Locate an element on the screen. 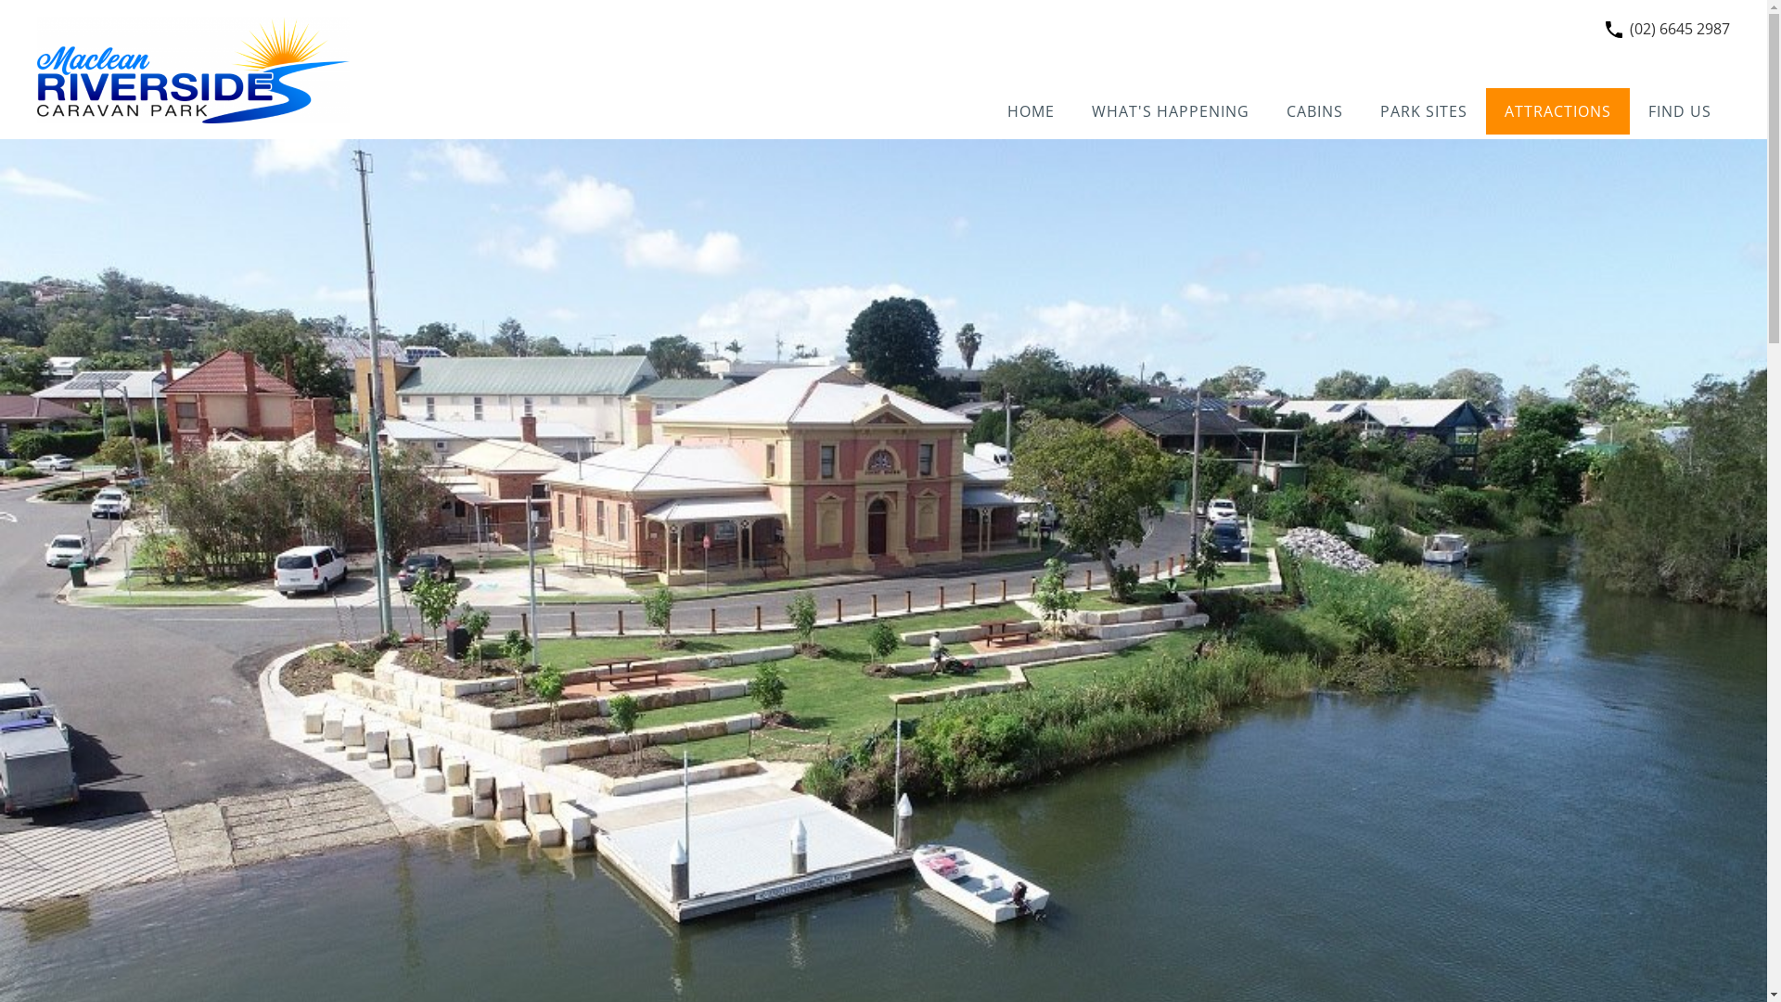 The height and width of the screenshot is (1002, 1781). 'PARK SITES' is located at coordinates (1423, 110).